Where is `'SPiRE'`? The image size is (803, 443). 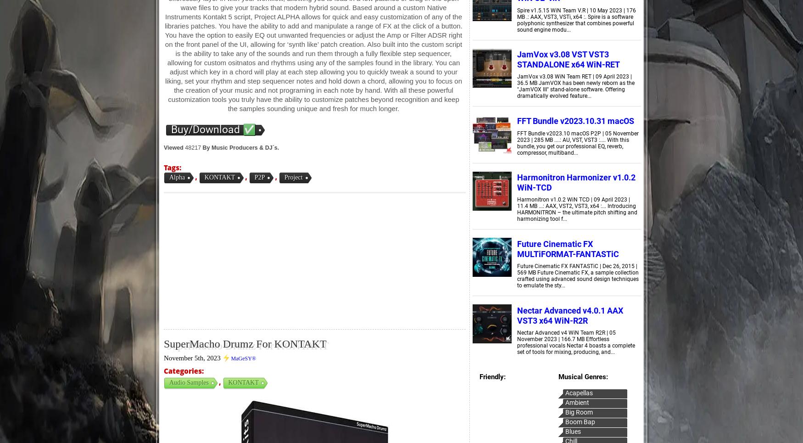
'SPiRE' is located at coordinates (306, 96).